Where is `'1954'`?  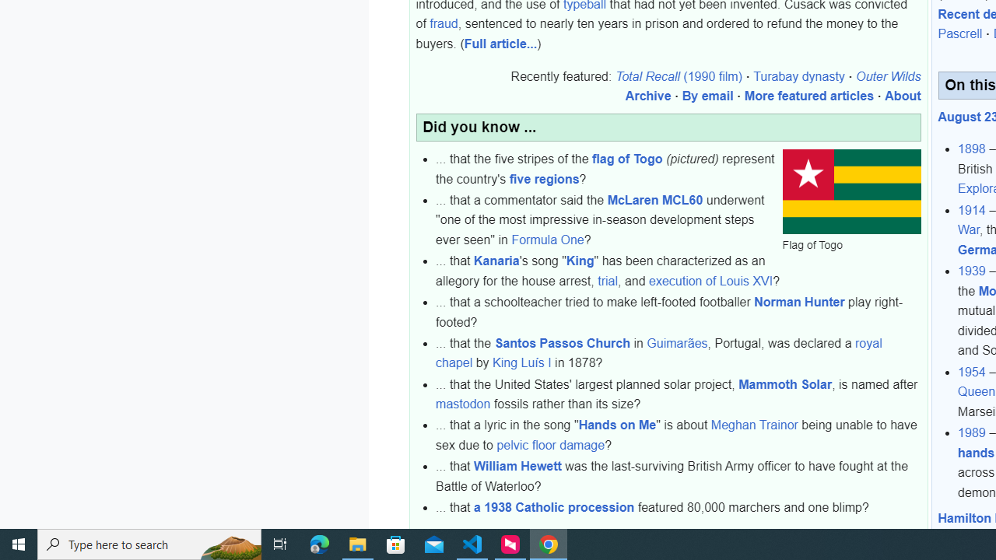 '1954' is located at coordinates (971, 371).